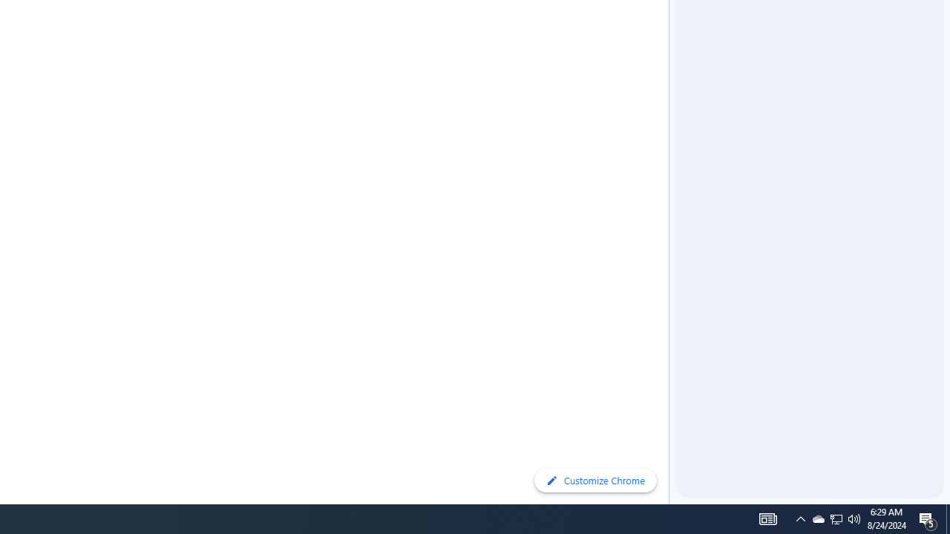  What do you see at coordinates (671, 29) in the screenshot?
I see `'Side Panel Resize Handle'` at bounding box center [671, 29].